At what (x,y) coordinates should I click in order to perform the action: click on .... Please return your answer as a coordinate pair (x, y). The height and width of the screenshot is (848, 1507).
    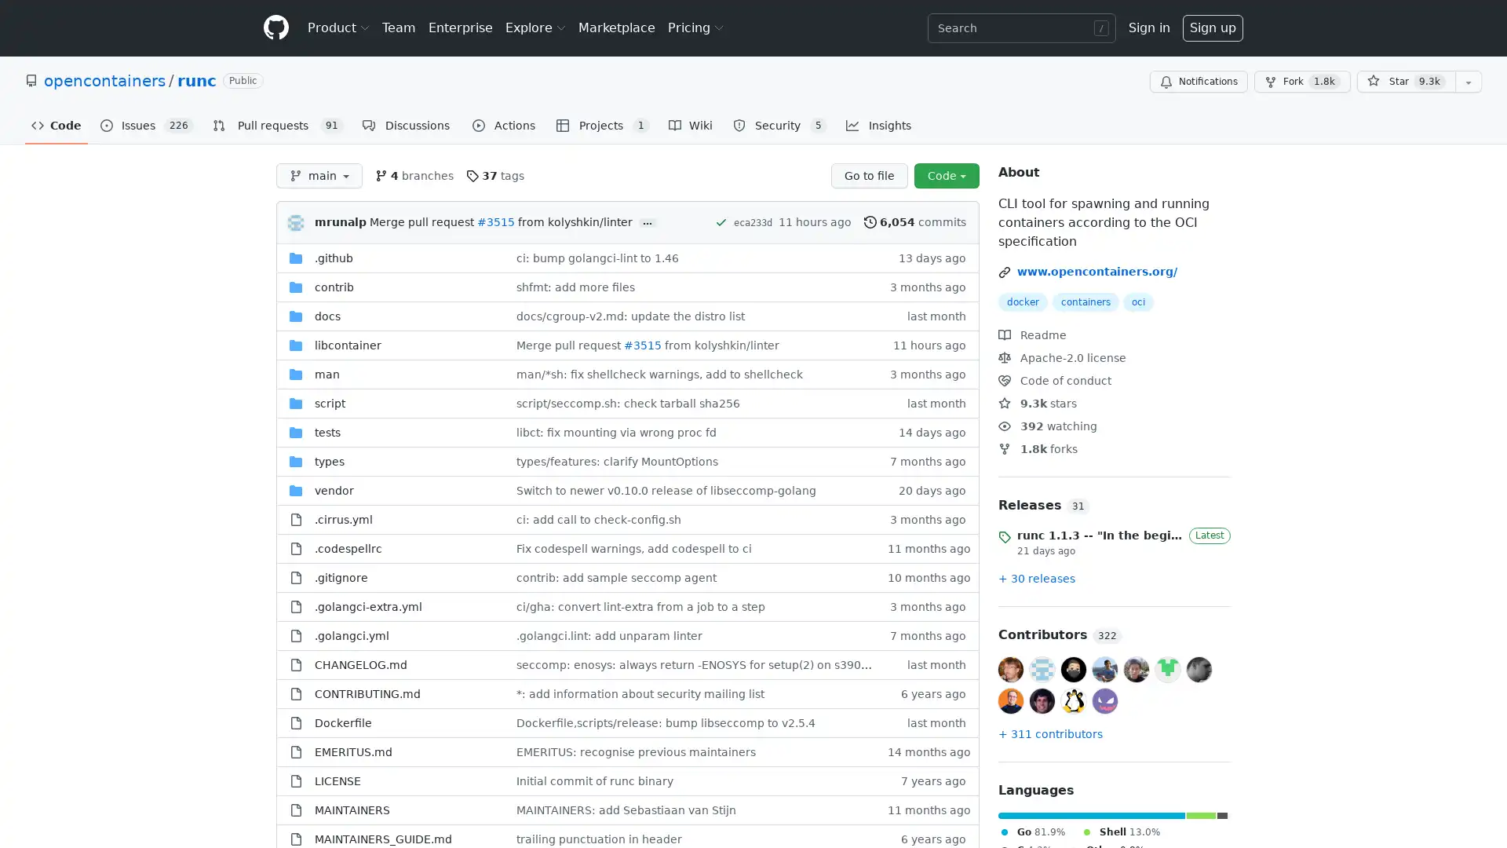
    Looking at the image, I should click on (648, 223).